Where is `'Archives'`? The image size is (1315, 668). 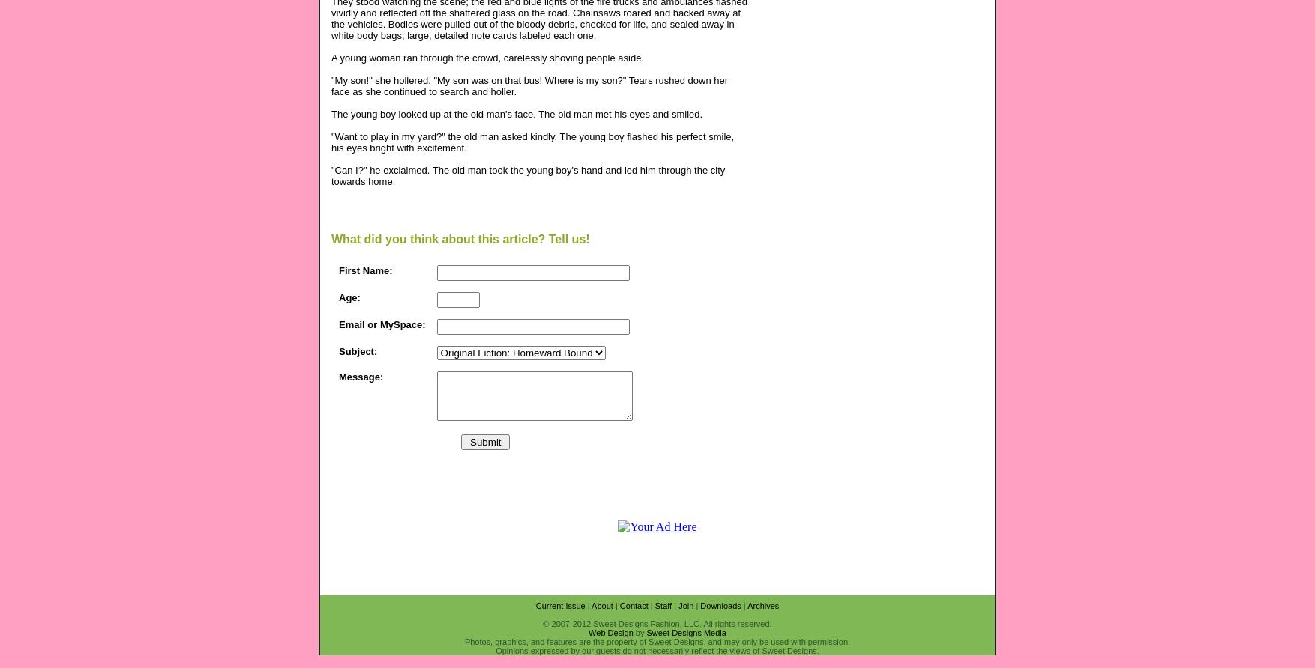 'Archives' is located at coordinates (762, 604).